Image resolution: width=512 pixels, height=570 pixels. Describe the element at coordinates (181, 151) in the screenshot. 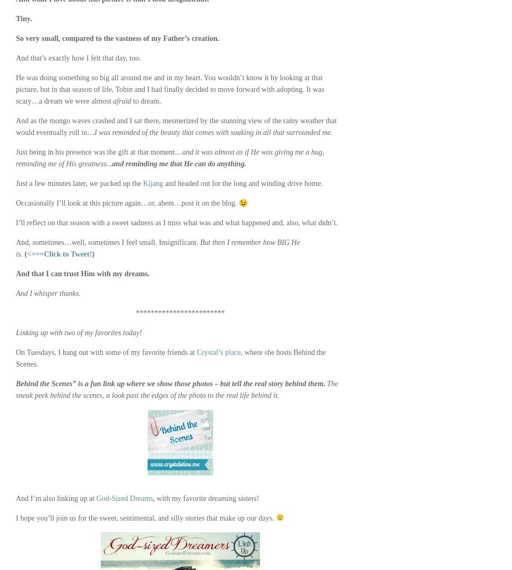

I see `'and it'` at that location.